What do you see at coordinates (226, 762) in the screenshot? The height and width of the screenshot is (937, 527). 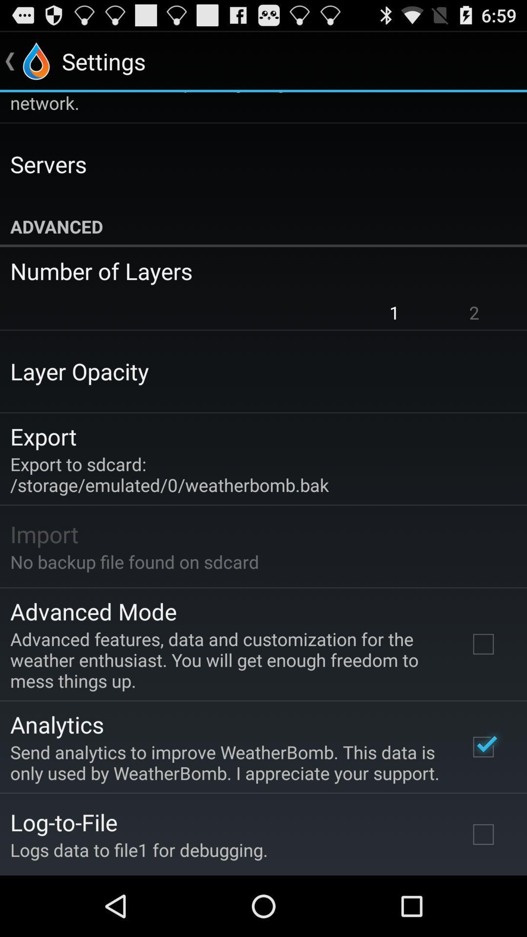 I see `send analytics to app` at bounding box center [226, 762].